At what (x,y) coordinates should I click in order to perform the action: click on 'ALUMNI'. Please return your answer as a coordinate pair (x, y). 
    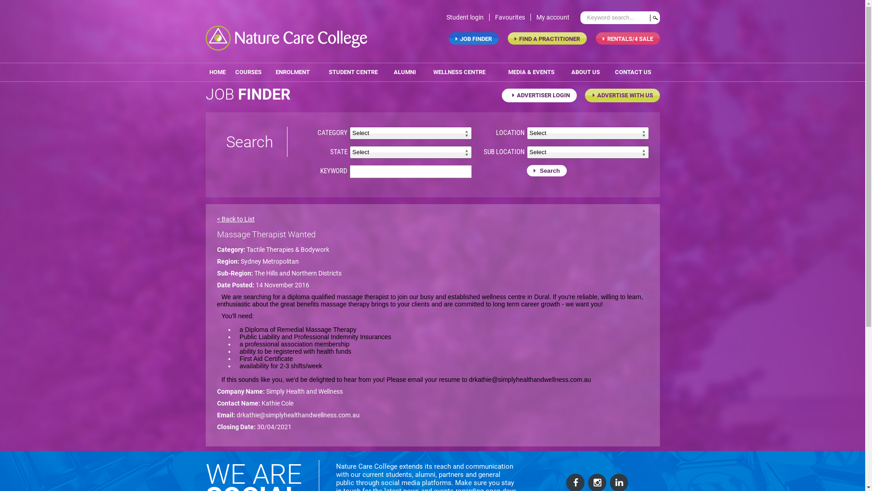
    Looking at the image, I should click on (388, 71).